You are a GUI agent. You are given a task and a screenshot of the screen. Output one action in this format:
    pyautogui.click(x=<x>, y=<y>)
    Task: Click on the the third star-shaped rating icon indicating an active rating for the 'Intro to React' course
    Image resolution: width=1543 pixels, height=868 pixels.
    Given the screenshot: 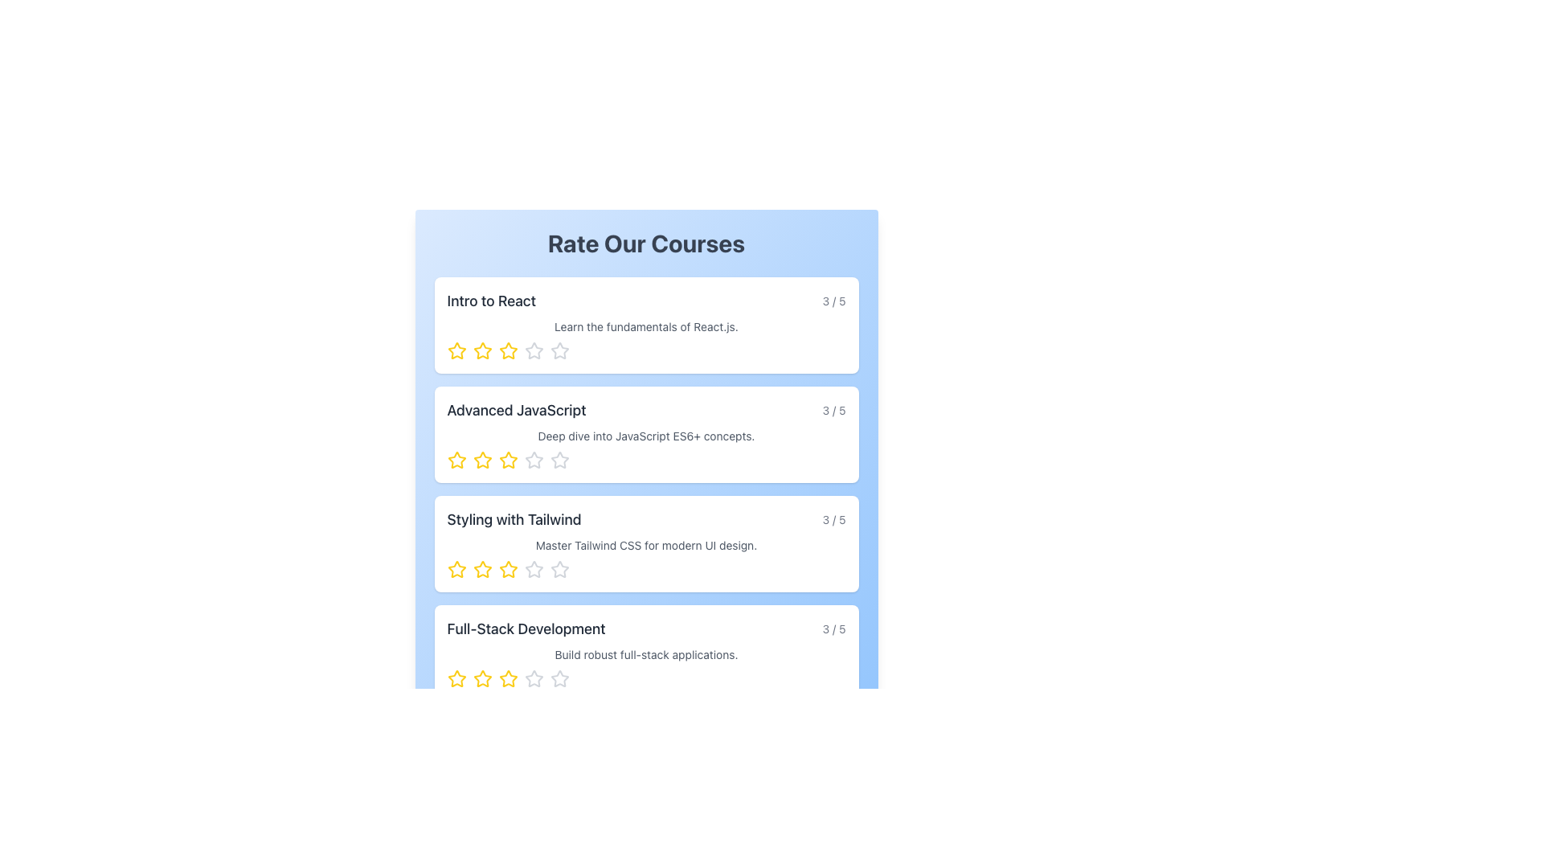 What is the action you would take?
    pyautogui.click(x=507, y=350)
    